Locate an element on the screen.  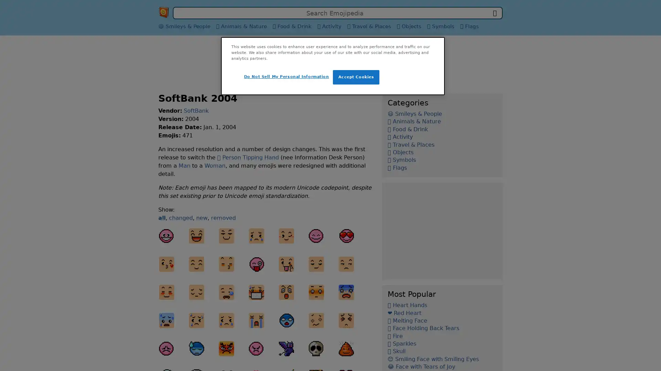
Do Not Sell My Personal Information is located at coordinates (286, 77).